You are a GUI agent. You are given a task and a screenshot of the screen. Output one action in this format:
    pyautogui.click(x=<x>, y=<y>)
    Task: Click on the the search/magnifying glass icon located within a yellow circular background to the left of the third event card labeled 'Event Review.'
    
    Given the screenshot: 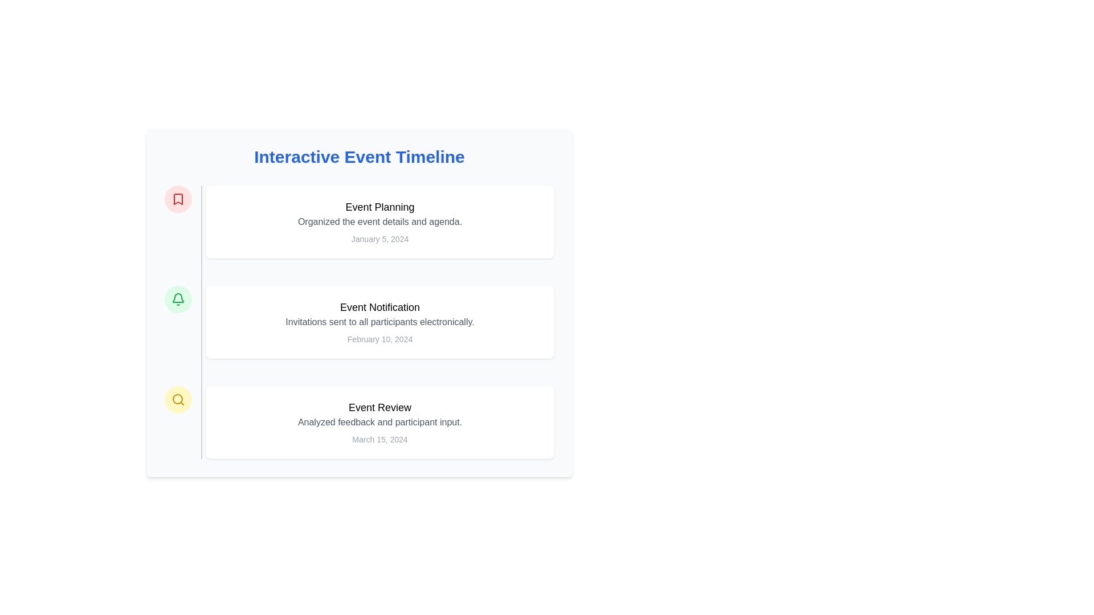 What is the action you would take?
    pyautogui.click(x=177, y=399)
    